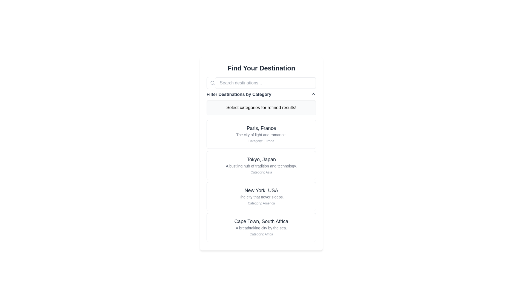 This screenshot has height=296, width=526. Describe the element at coordinates (313, 94) in the screenshot. I see `the chevron icon located at the right end of the 'Filter Destinations by Category' label` at that location.